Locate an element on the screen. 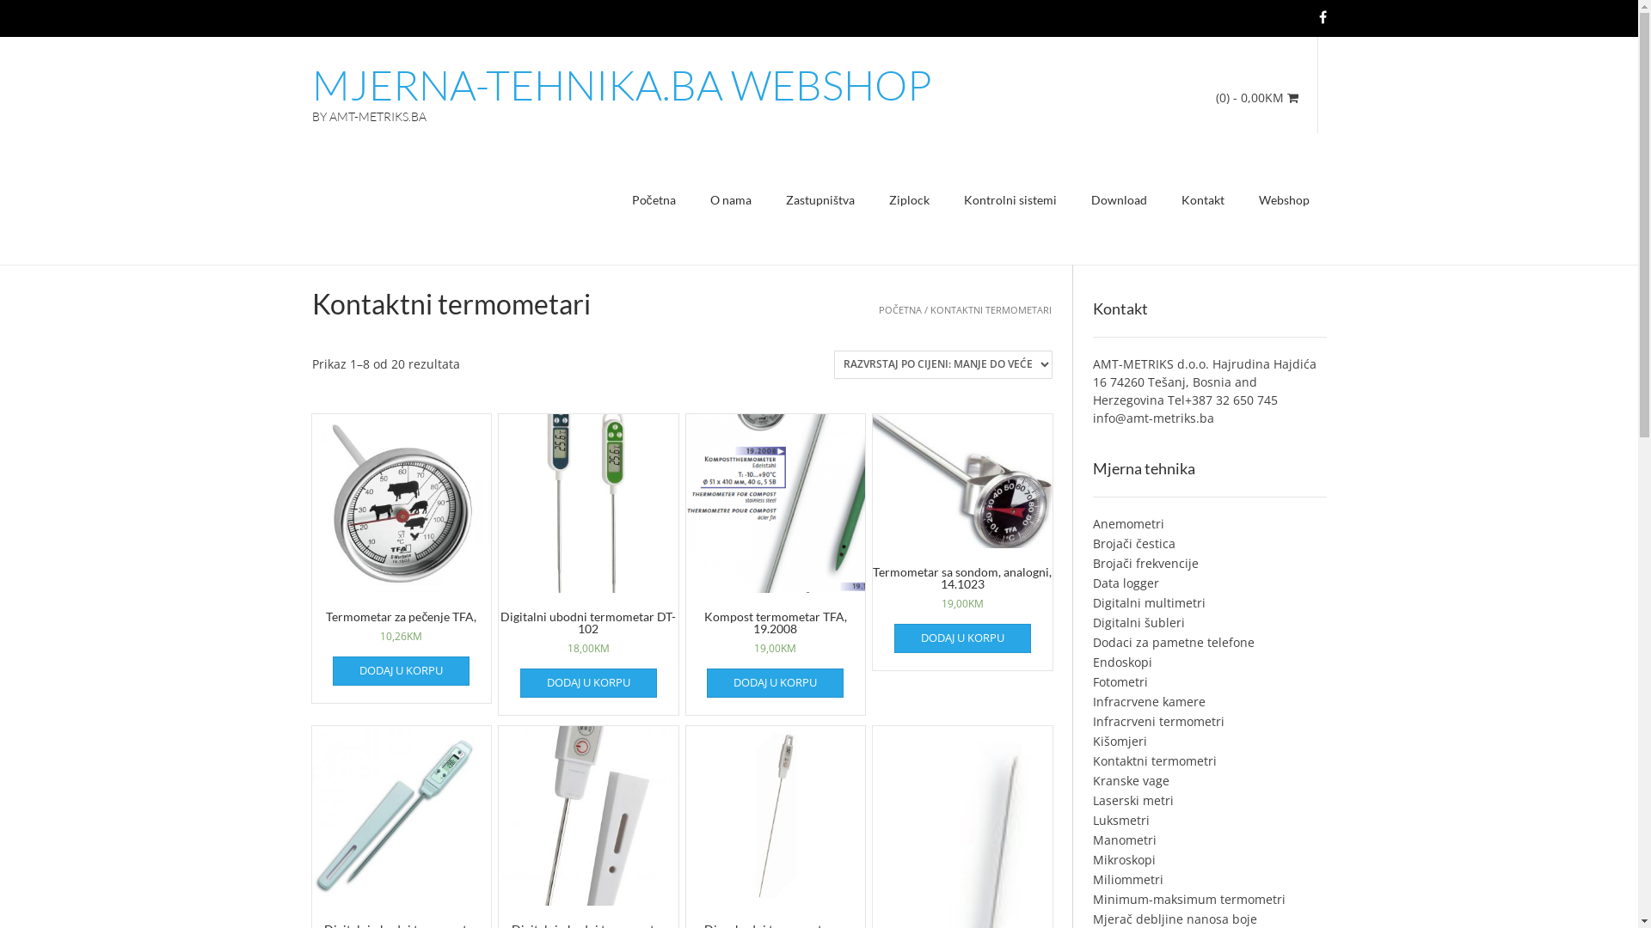 The height and width of the screenshot is (928, 1651). 'Ziplock' is located at coordinates (908, 201).